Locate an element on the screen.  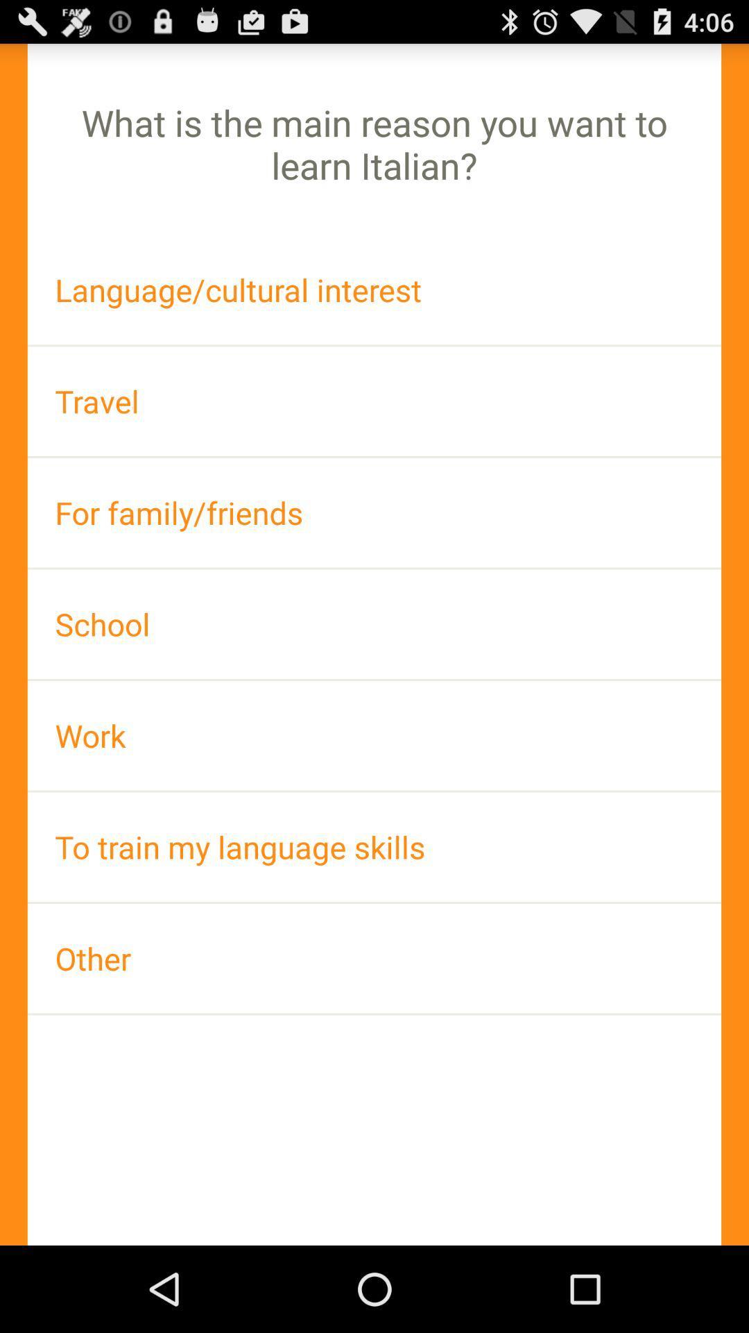
the item below for family/friends item is located at coordinates (374, 623).